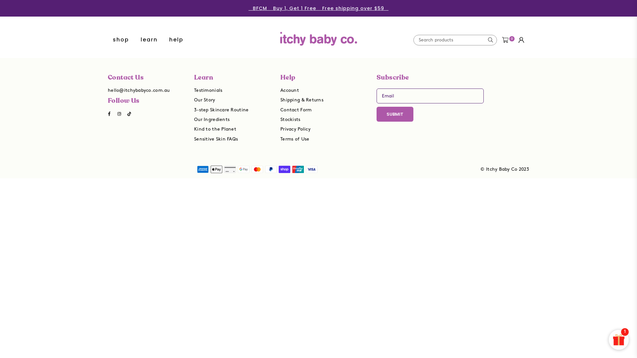 This screenshot has height=358, width=637. Describe the element at coordinates (290, 90) in the screenshot. I see `'Account'` at that location.